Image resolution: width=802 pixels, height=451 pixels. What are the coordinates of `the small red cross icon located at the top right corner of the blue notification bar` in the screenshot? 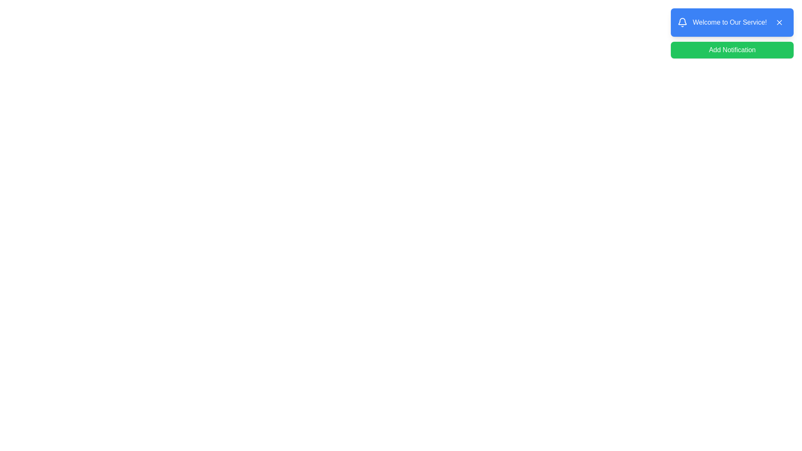 It's located at (779, 22).